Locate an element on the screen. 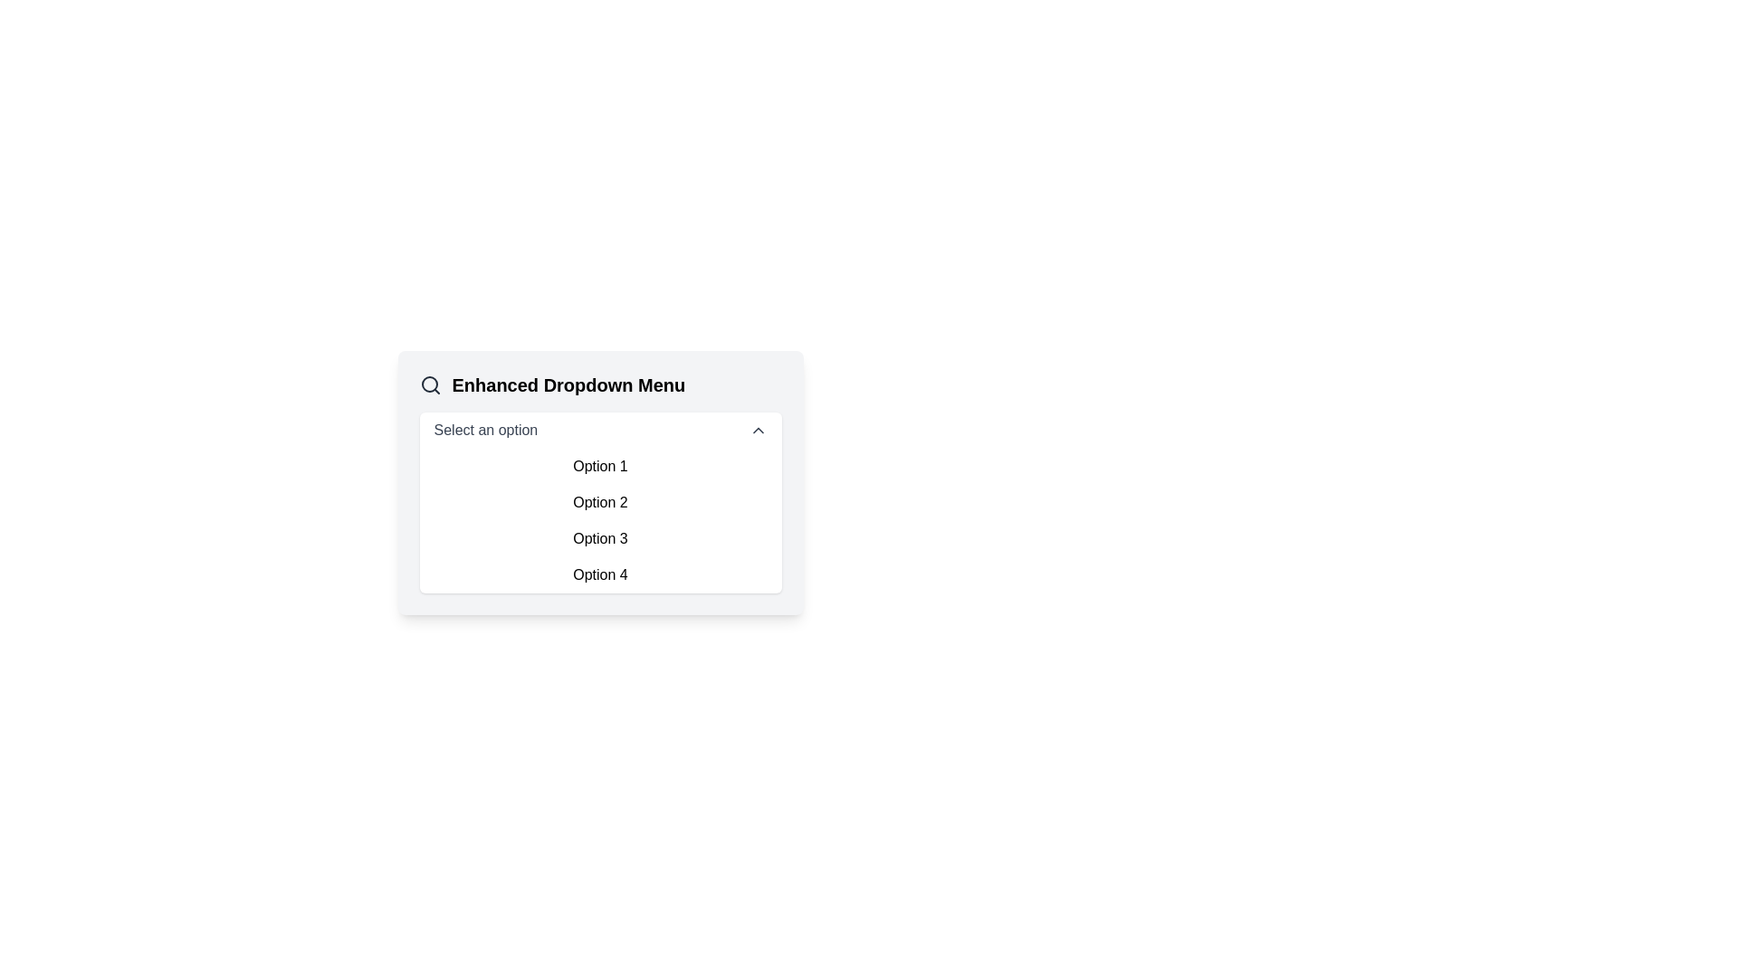  the first item in the dropdown menu is located at coordinates (600, 466).